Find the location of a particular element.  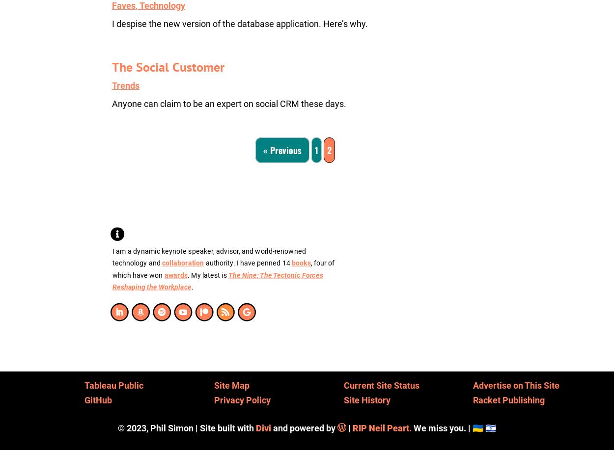

'Advertise on This Site' is located at coordinates (473, 384).